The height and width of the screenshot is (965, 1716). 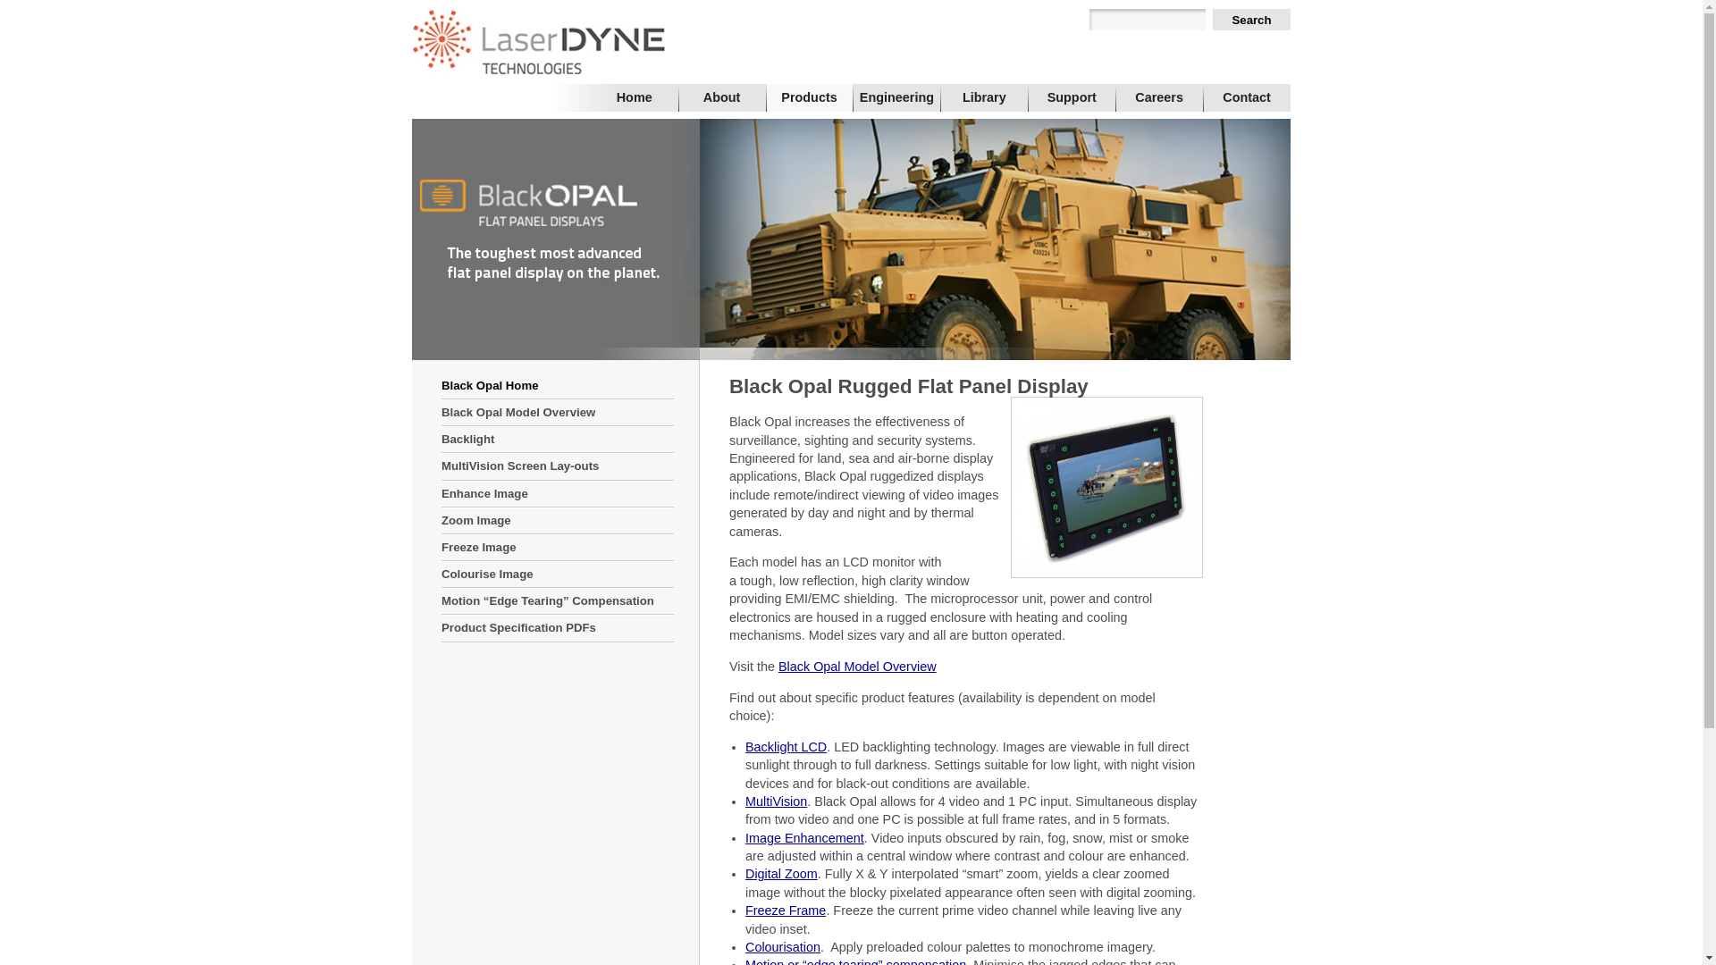 What do you see at coordinates (1115, 97) in the screenshot?
I see `'Careers'` at bounding box center [1115, 97].